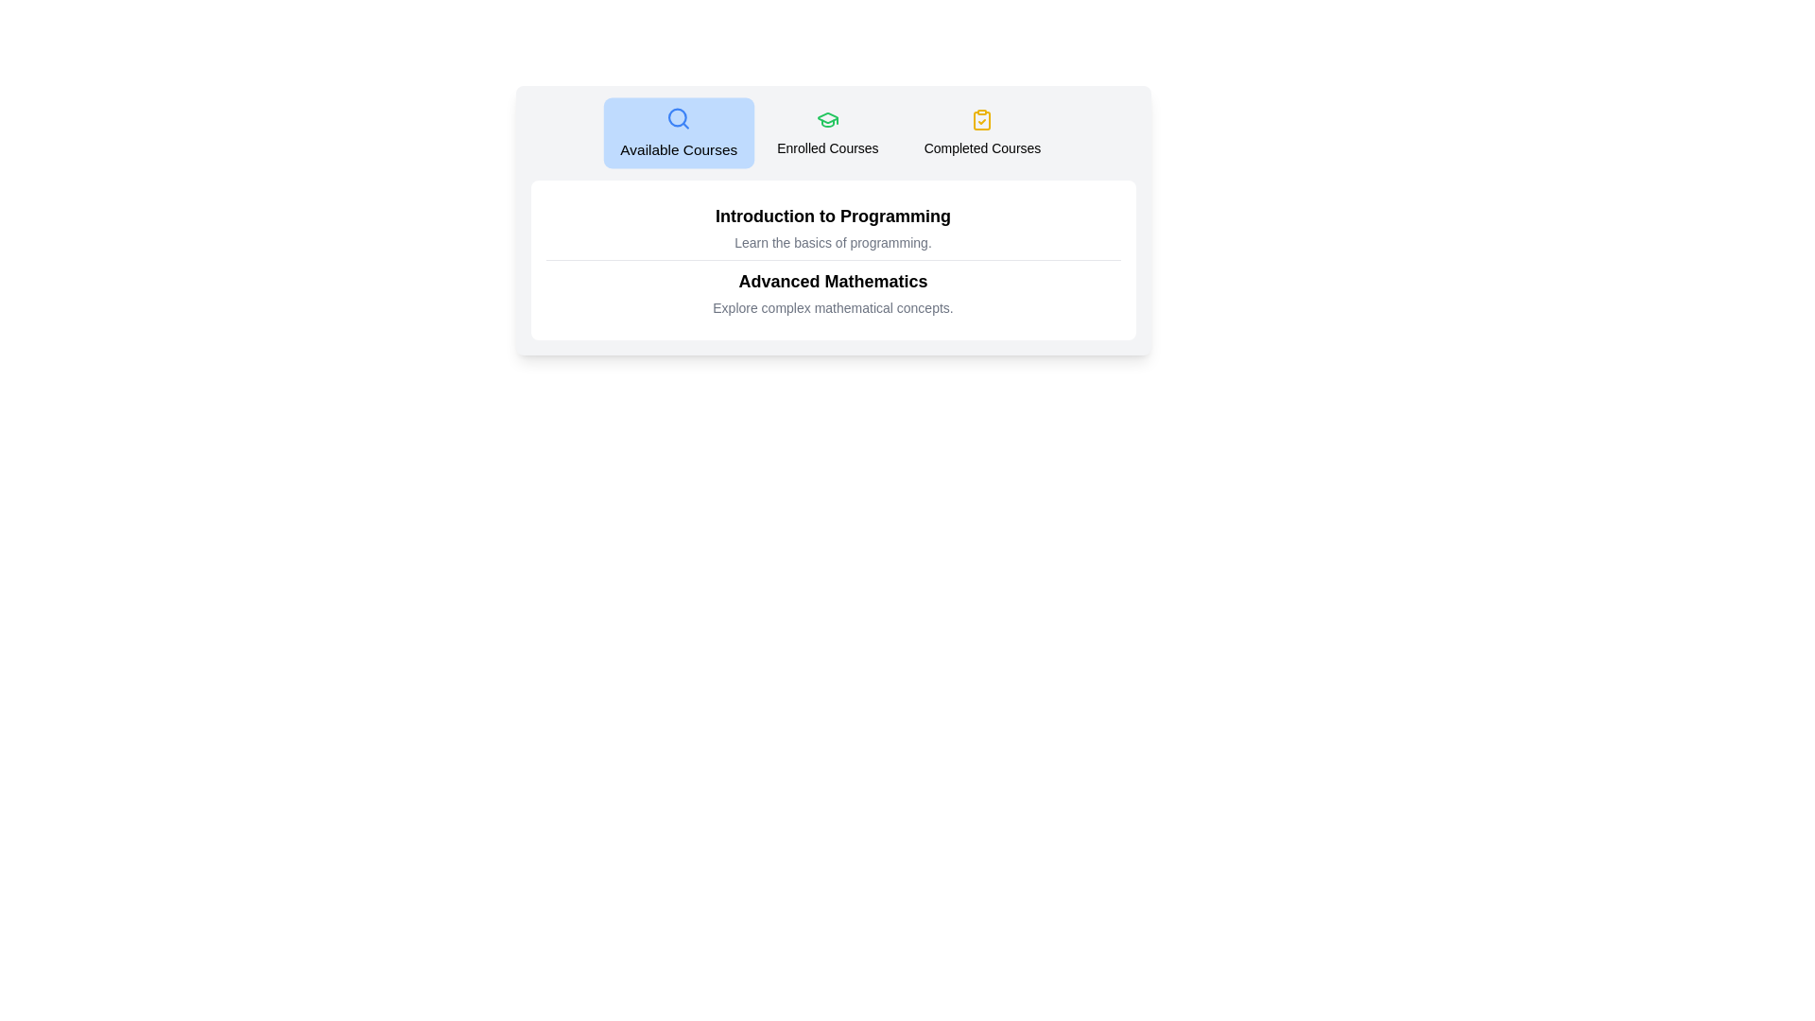  I want to click on the tab labeled Completed Courses, so click(982, 132).